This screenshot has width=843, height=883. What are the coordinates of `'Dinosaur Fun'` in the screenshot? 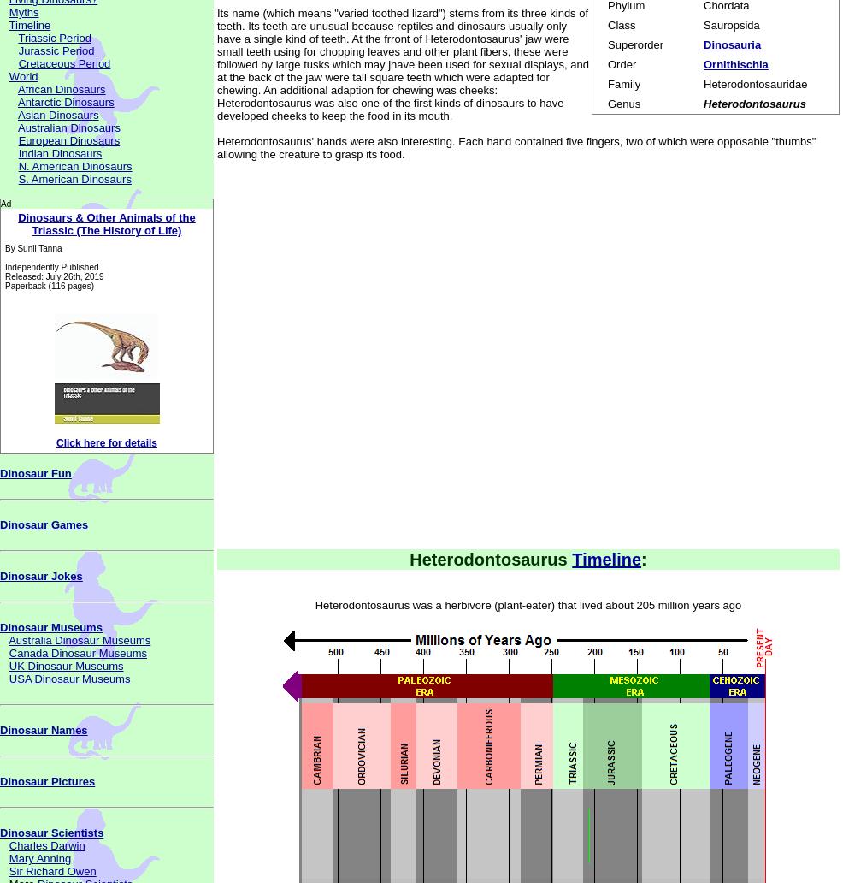 It's located at (0, 473).